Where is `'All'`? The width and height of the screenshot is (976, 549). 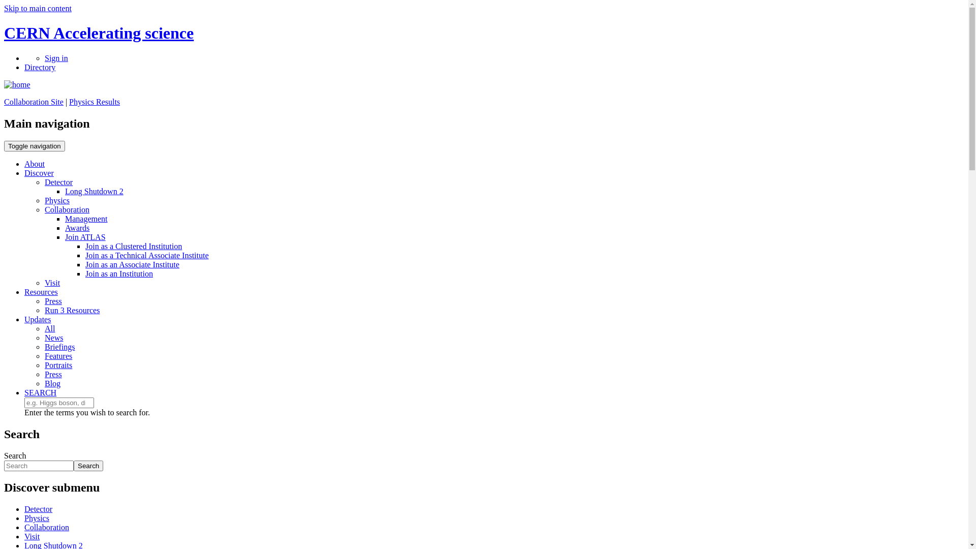 'All' is located at coordinates (44, 328).